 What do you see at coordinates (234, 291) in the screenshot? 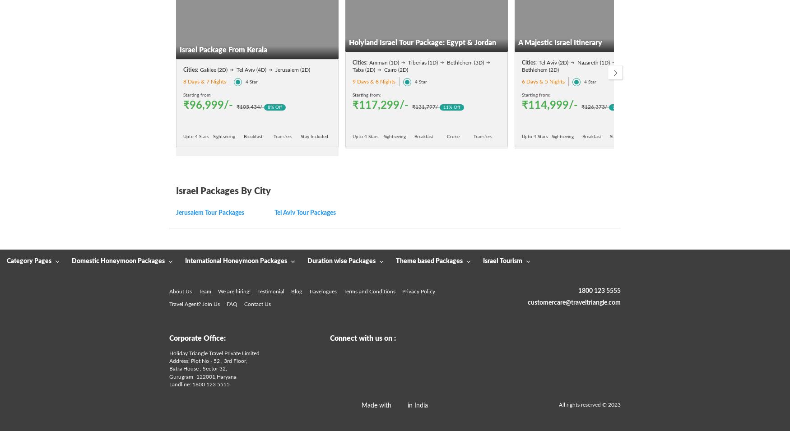
I see `'We are hiring!'` at bounding box center [234, 291].